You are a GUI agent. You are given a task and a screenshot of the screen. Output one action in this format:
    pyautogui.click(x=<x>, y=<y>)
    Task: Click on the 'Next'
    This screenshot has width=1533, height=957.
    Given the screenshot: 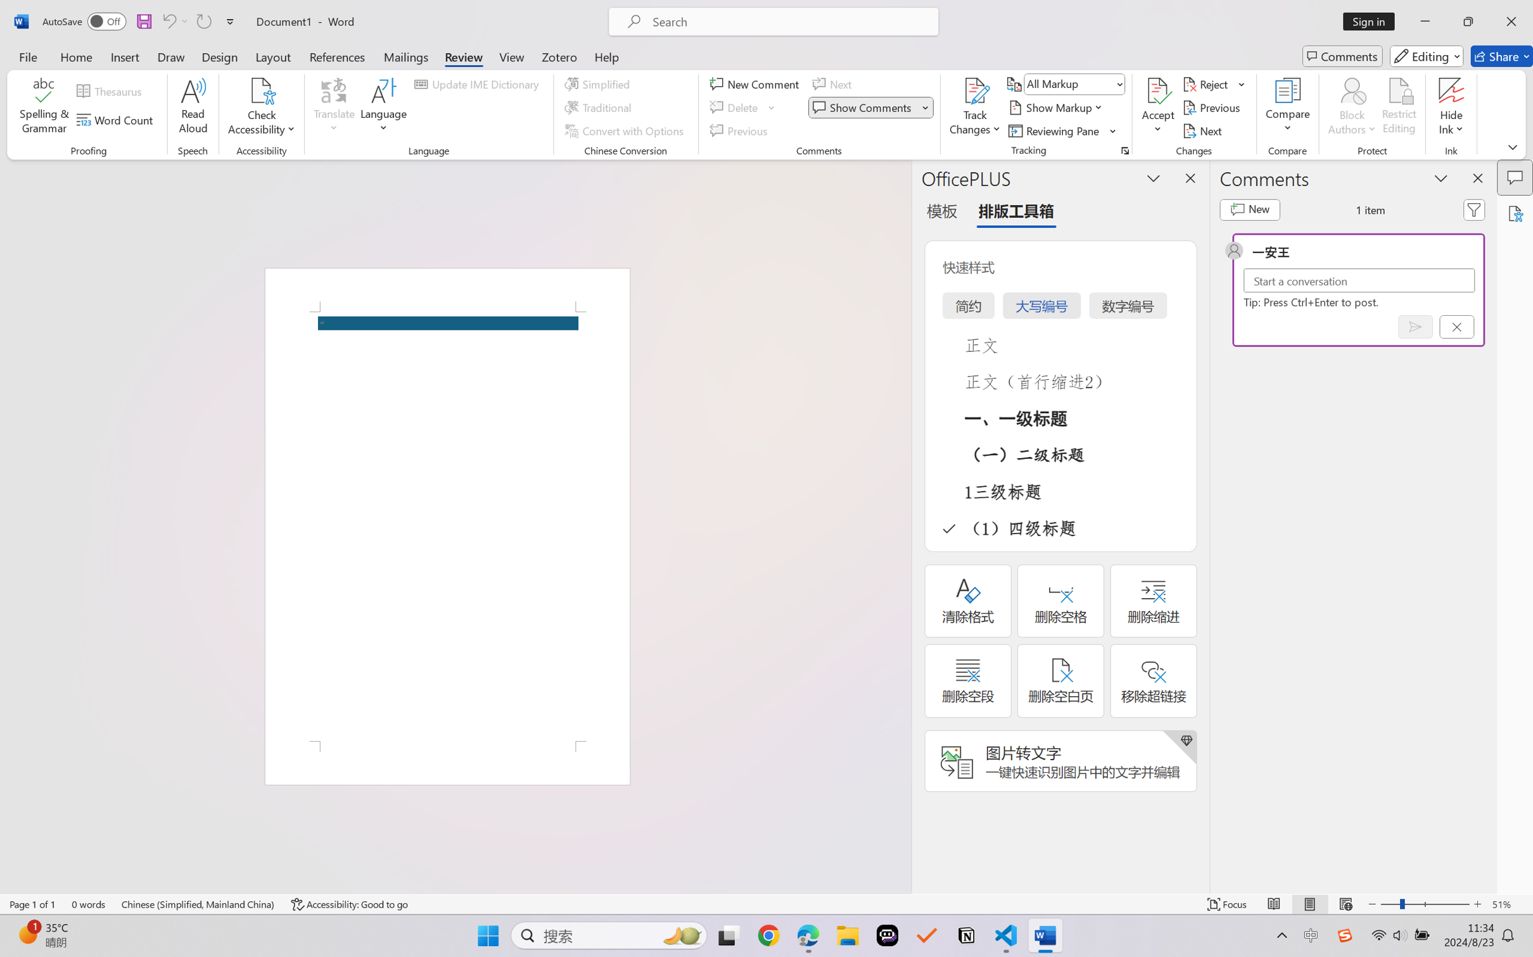 What is the action you would take?
    pyautogui.click(x=1203, y=131)
    